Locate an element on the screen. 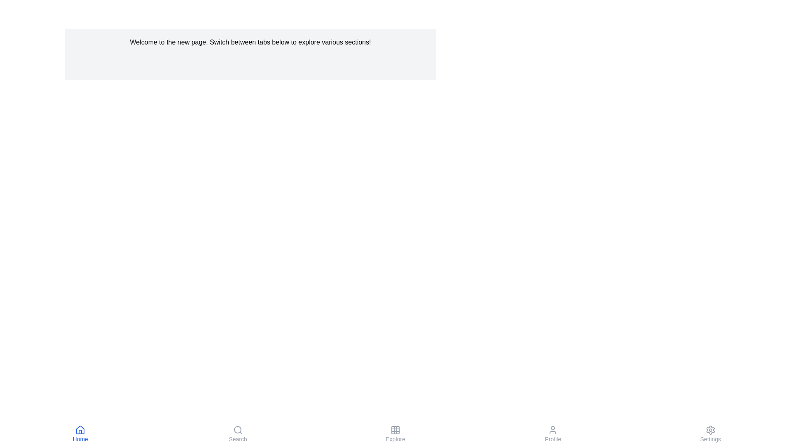 The image size is (791, 445). the blue house icon located in the center of the bottom navigation bar is located at coordinates (80, 430).